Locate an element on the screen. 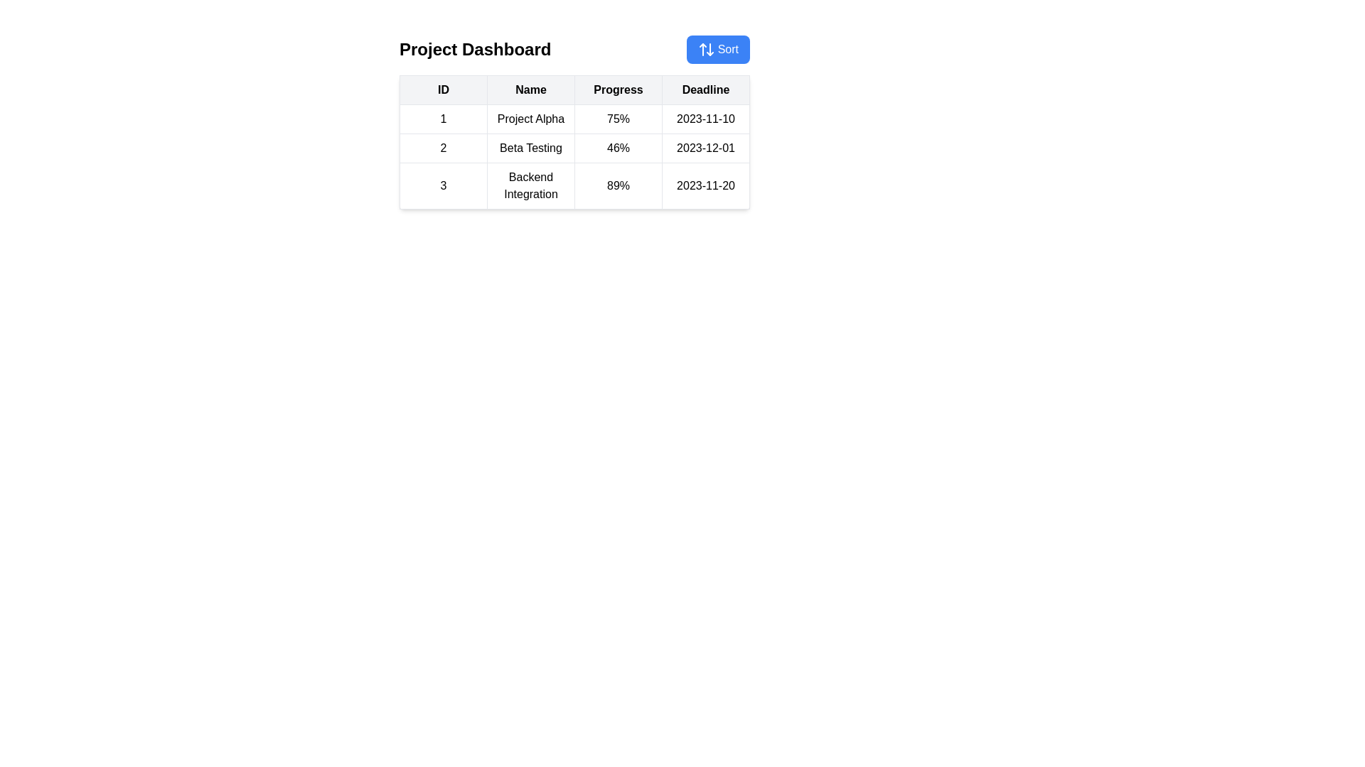 The width and height of the screenshot is (1365, 767). the progress percentage display field located in the 'Progress' column of the table, specifically in the second row corresponding to the task 'Beta Testing' is located at coordinates (618, 148).